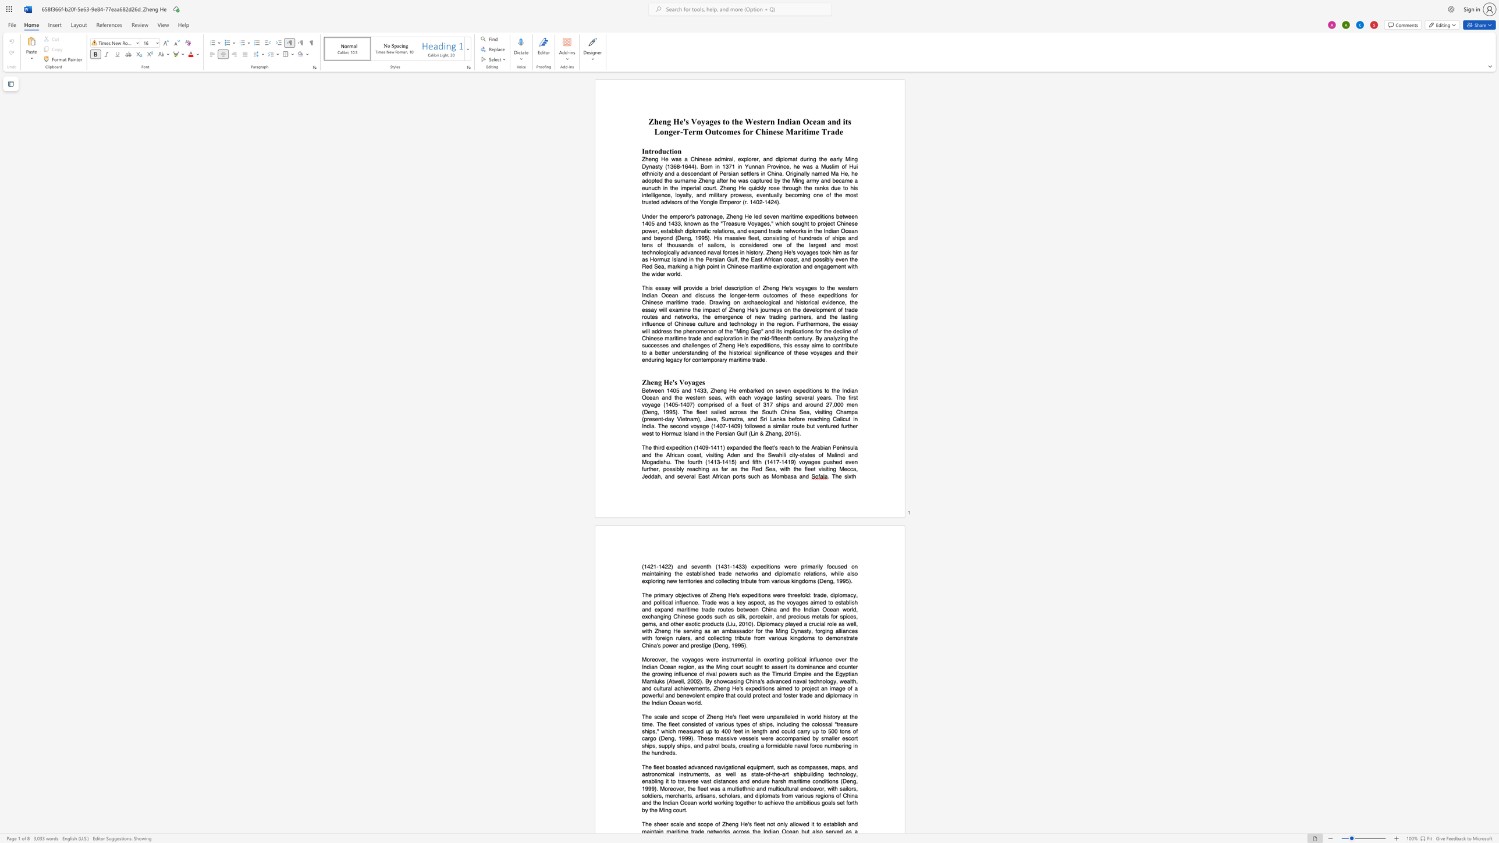 The image size is (1499, 843). I want to click on the subset text "re and the Egyptian Mamluks (Atwell, 2" within the text "Moreover, the voyages were instrumental in exerting political influence over the Indian Ocean region, as the Ming court sought to assert its dominance and counter the growing influence of rival powers such as the Timurid Empire and the Egyptian Mamluks (Atwell, 2002). By", so click(805, 674).